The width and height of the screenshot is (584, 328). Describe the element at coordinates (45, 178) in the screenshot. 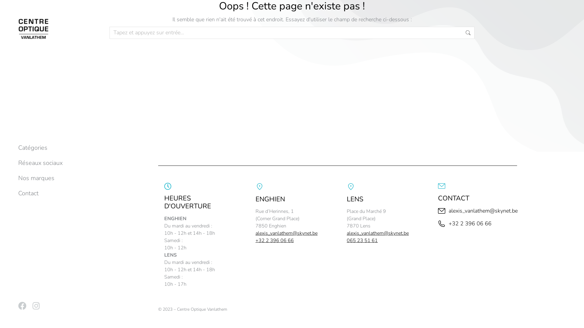

I see `'Nos marques'` at that location.